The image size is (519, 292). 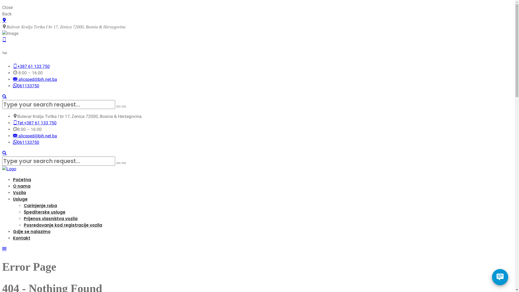 What do you see at coordinates (19, 192) in the screenshot?
I see `'Vozila'` at bounding box center [19, 192].